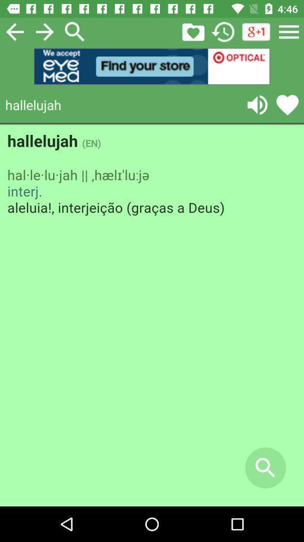 Image resolution: width=304 pixels, height=542 pixels. I want to click on to favourites, so click(287, 104).